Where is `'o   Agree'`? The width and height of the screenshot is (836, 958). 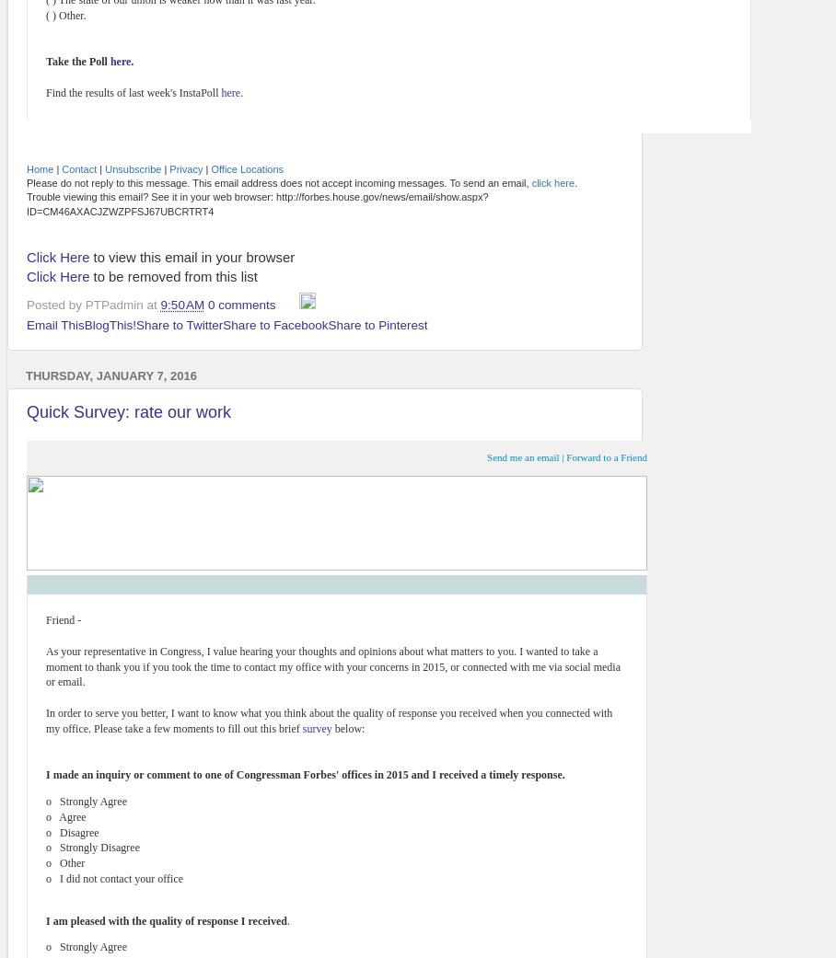
'o   Agree' is located at coordinates (46, 815).